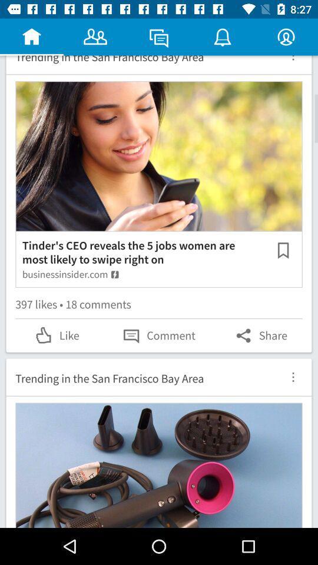  Describe the element at coordinates (283, 250) in the screenshot. I see `the item next to the tinder s ceo` at that location.